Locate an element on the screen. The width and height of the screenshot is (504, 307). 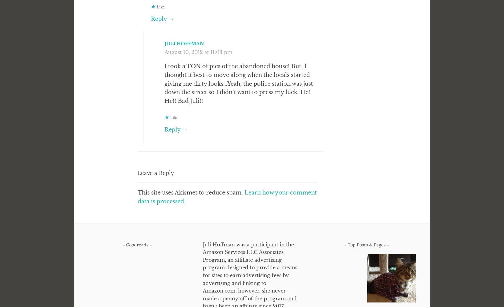
'Leave a Reply' is located at coordinates (137, 173).